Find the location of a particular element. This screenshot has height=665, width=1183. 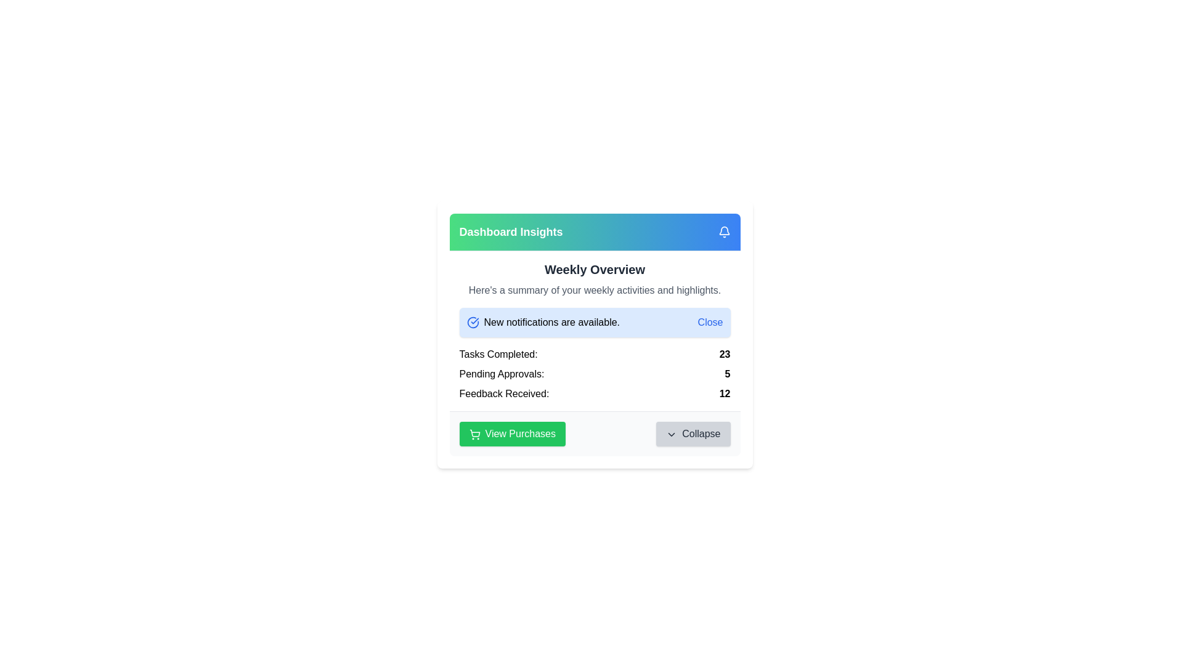

the green button labeled 'View Purchases' with a shopping cart icon is located at coordinates (512, 433).